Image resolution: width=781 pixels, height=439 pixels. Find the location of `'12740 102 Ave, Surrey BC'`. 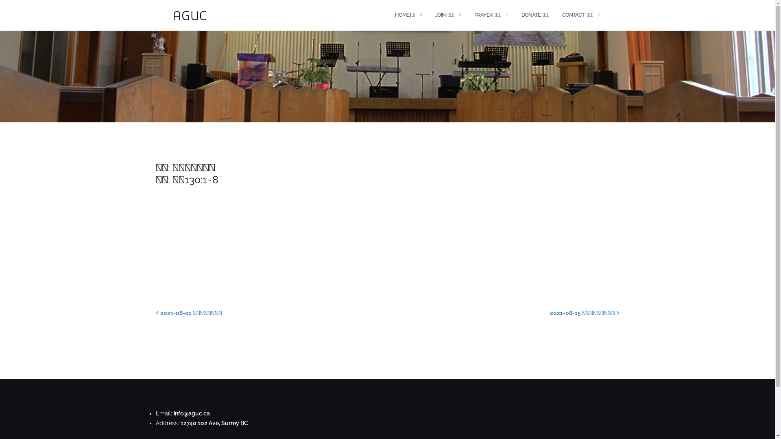

'12740 102 Ave, Surrey BC' is located at coordinates (214, 423).